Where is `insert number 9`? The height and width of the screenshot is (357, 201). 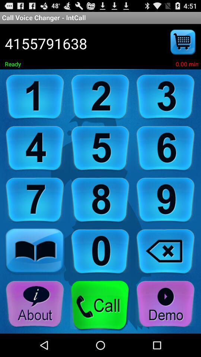 insert number 9 is located at coordinates (166, 200).